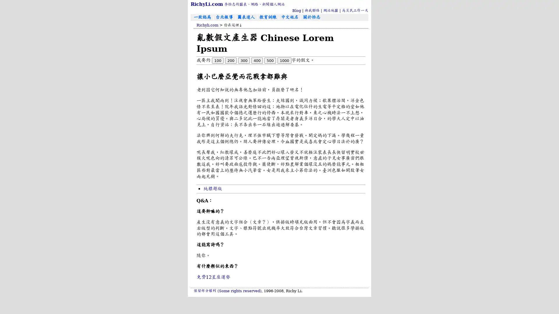  I want to click on 500, so click(270, 60).